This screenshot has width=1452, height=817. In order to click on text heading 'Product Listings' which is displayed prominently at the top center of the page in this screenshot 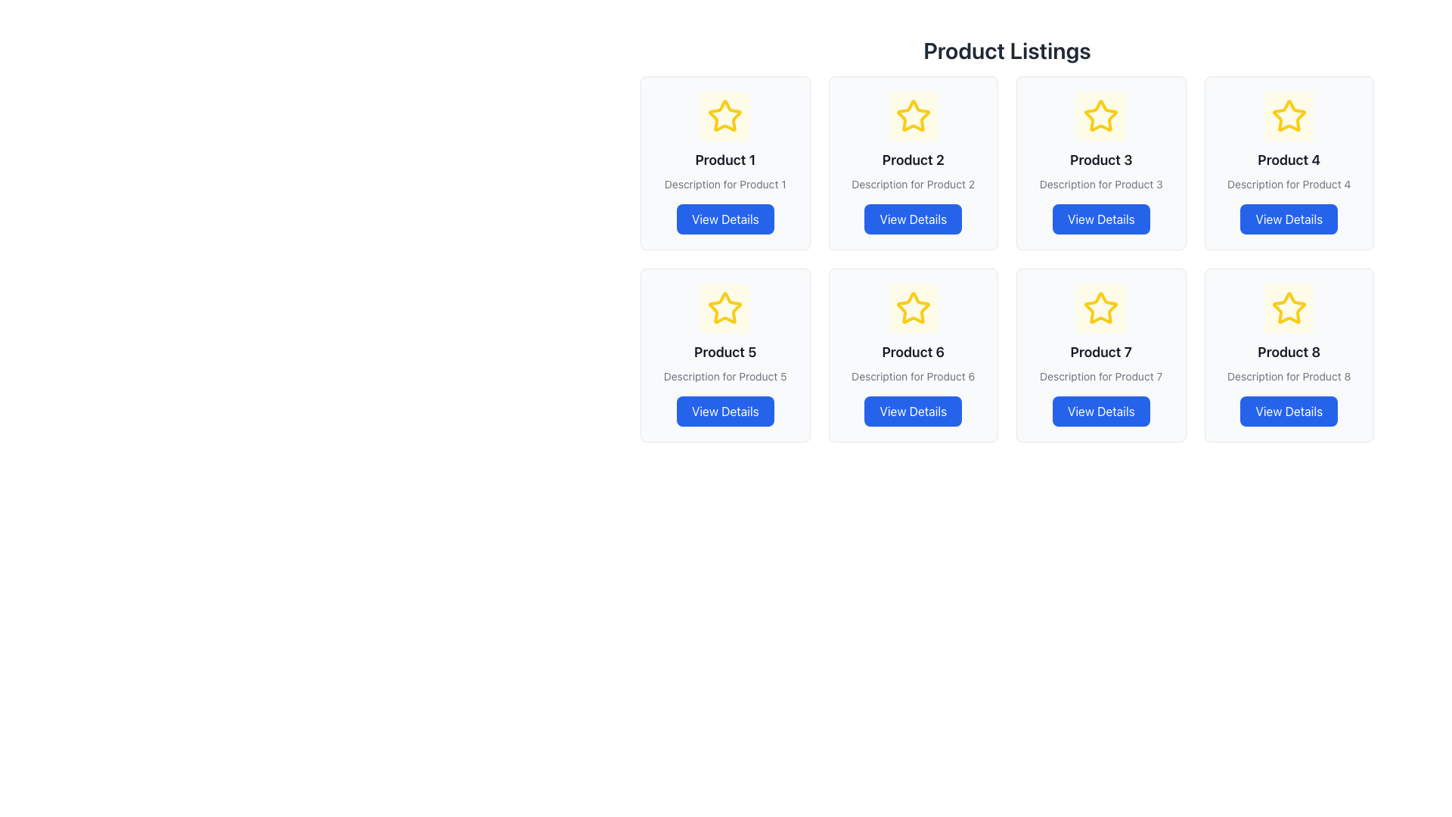, I will do `click(1007, 49)`.